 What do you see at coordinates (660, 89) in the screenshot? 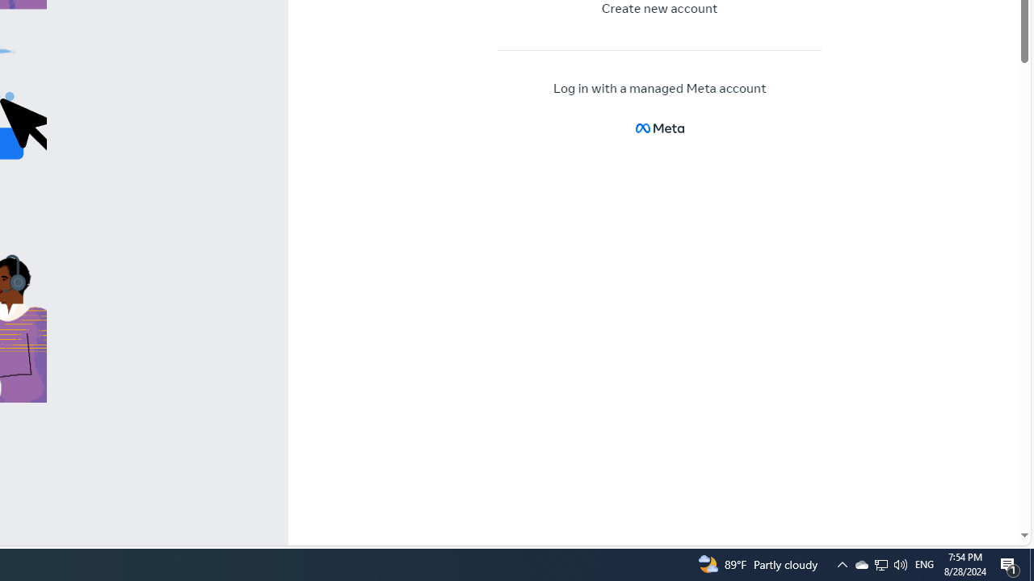
I see `'Log in with a managed Meta account'` at bounding box center [660, 89].